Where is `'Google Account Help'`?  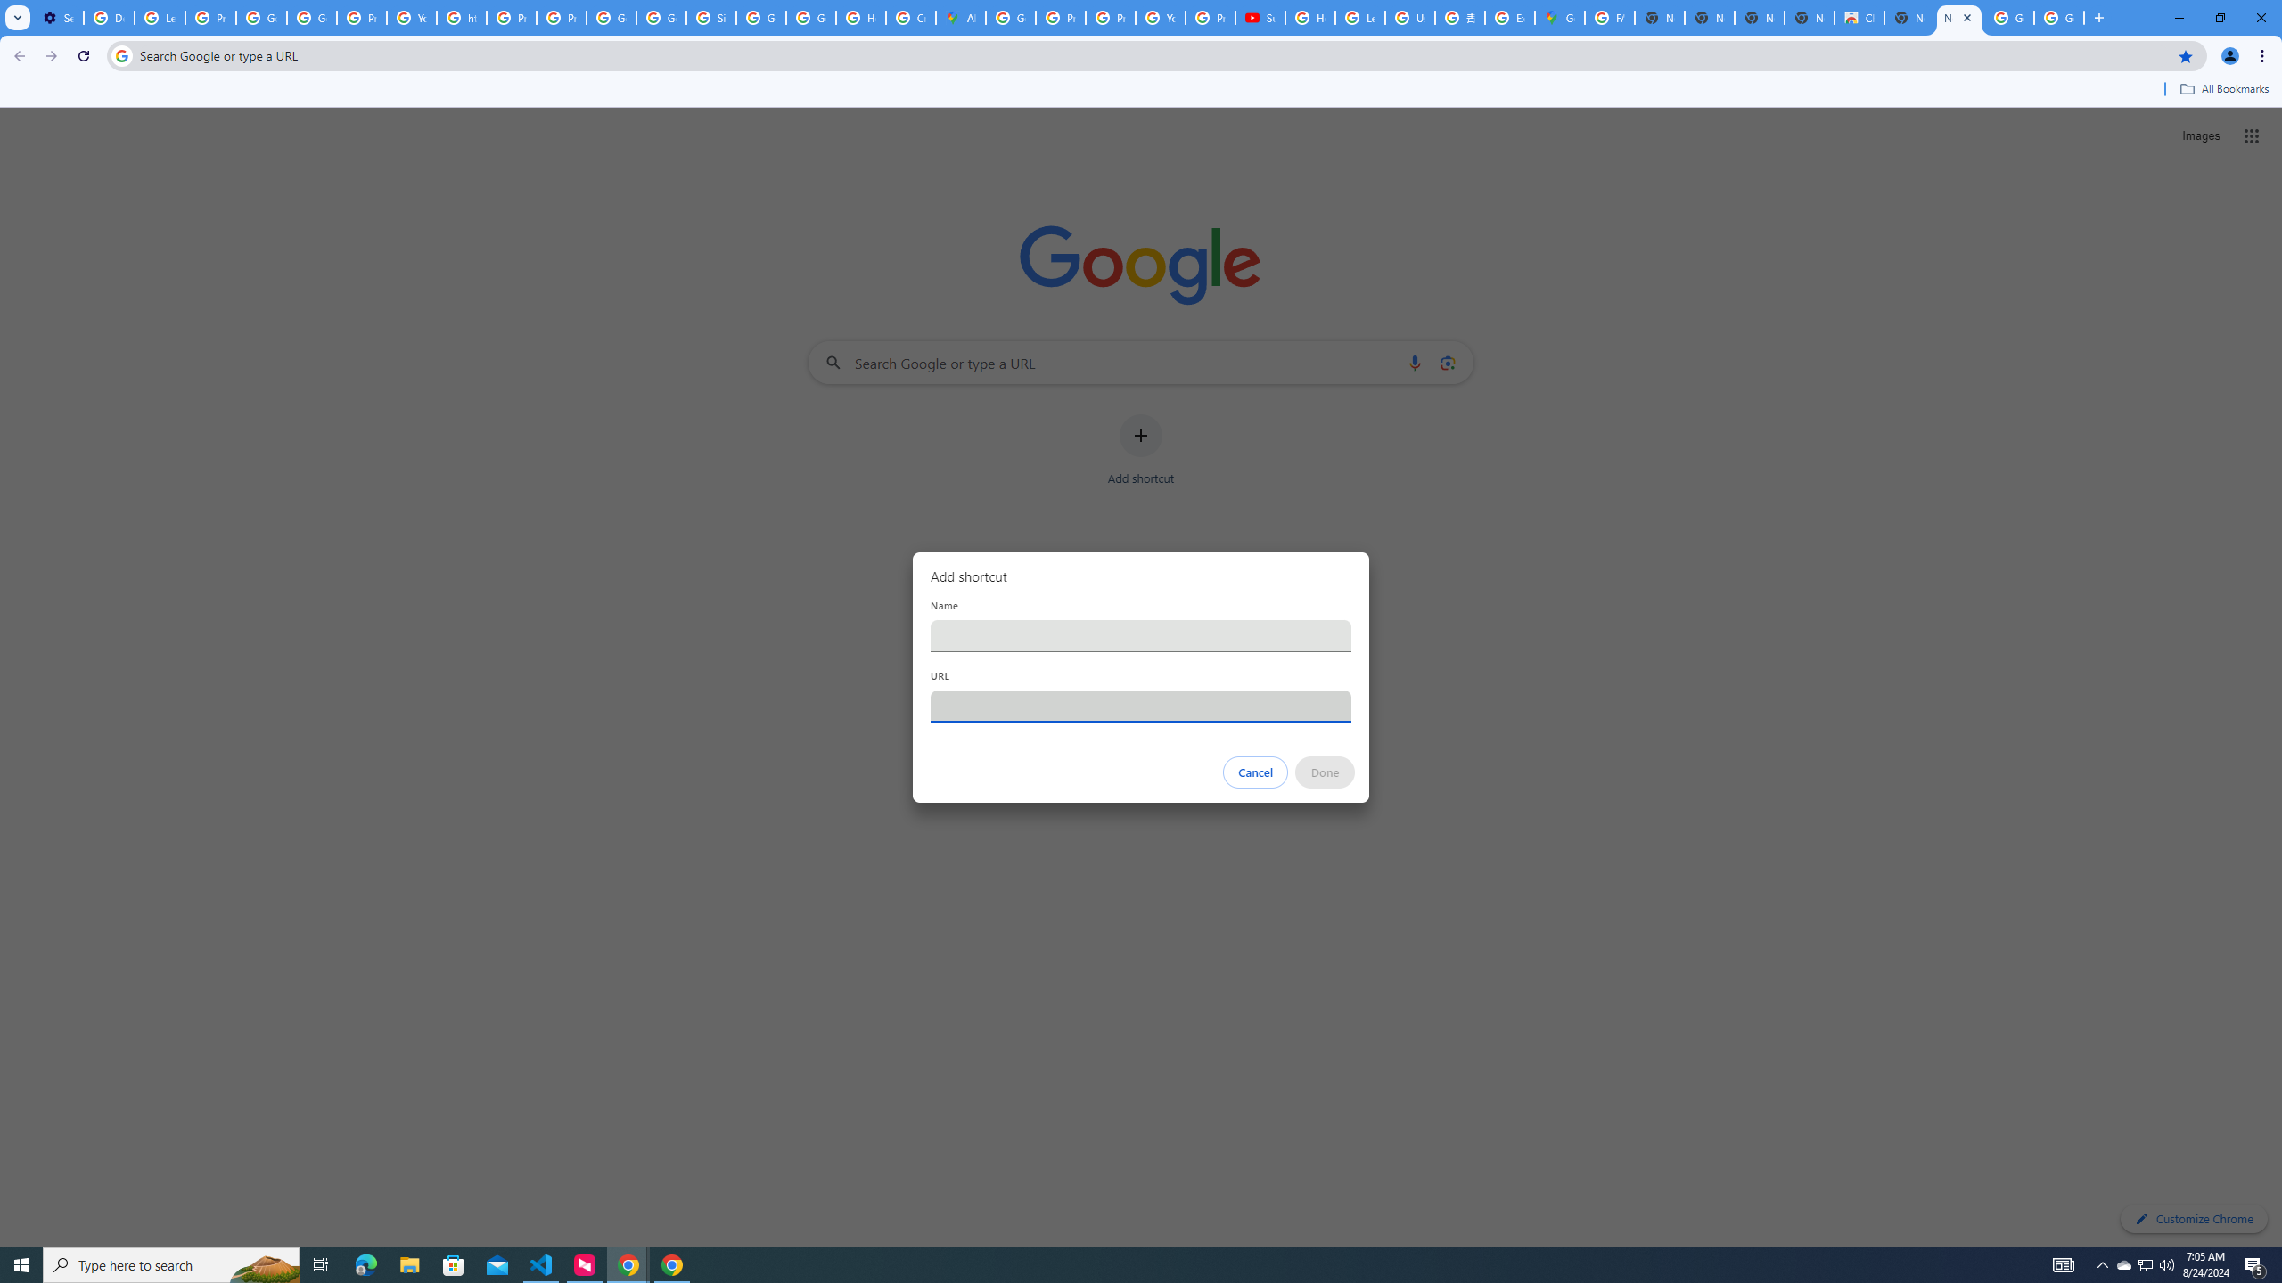
'Google Account Help' is located at coordinates (261, 17).